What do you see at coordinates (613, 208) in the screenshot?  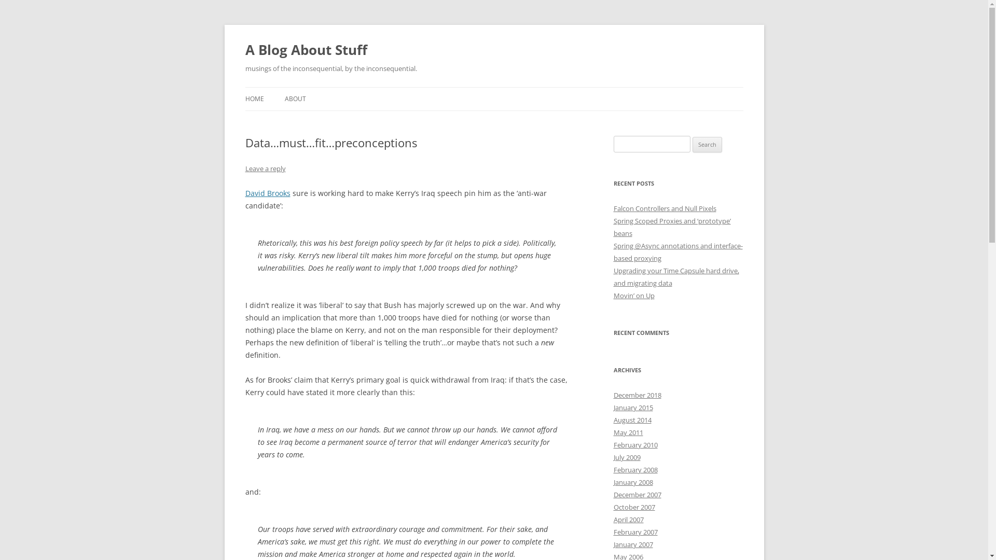 I see `'Falcon Controllers and Null Pixels'` at bounding box center [613, 208].